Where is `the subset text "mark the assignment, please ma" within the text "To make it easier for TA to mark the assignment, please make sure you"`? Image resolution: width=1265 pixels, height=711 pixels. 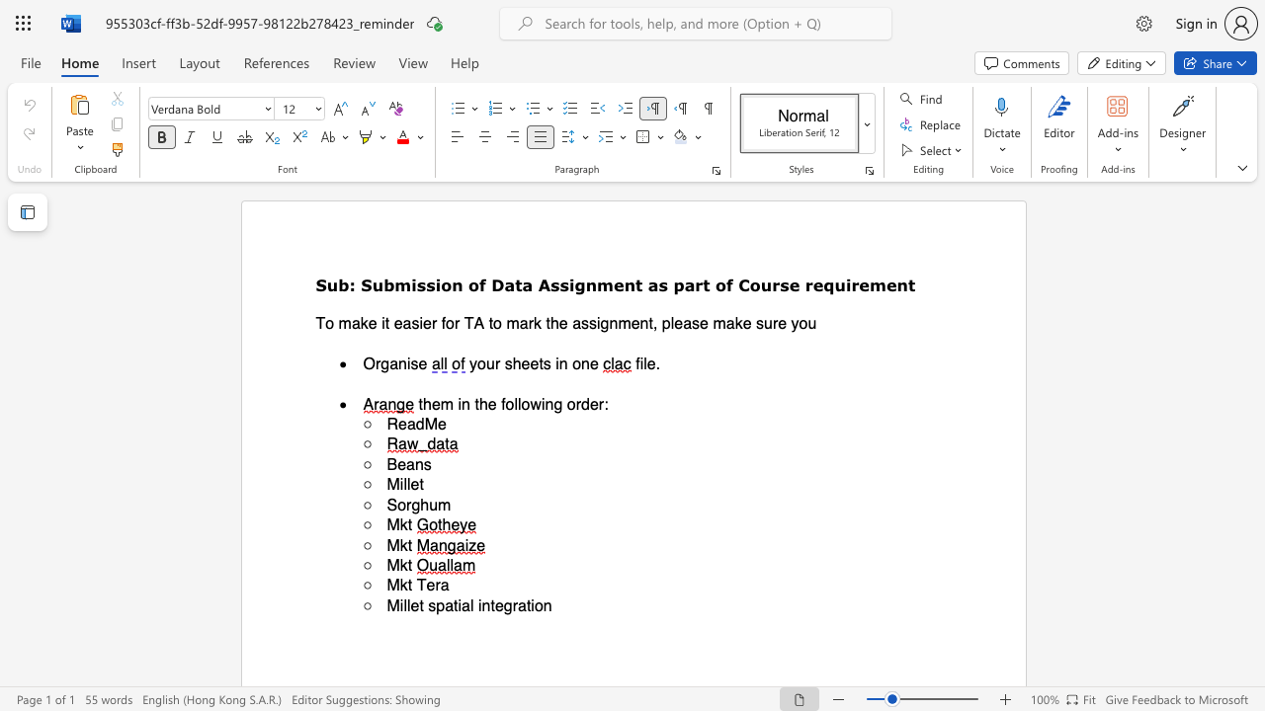
the subset text "mark the assignment, please ma" within the text "To make it easier for TA to mark the assignment, please make sure you" is located at coordinates (506, 322).